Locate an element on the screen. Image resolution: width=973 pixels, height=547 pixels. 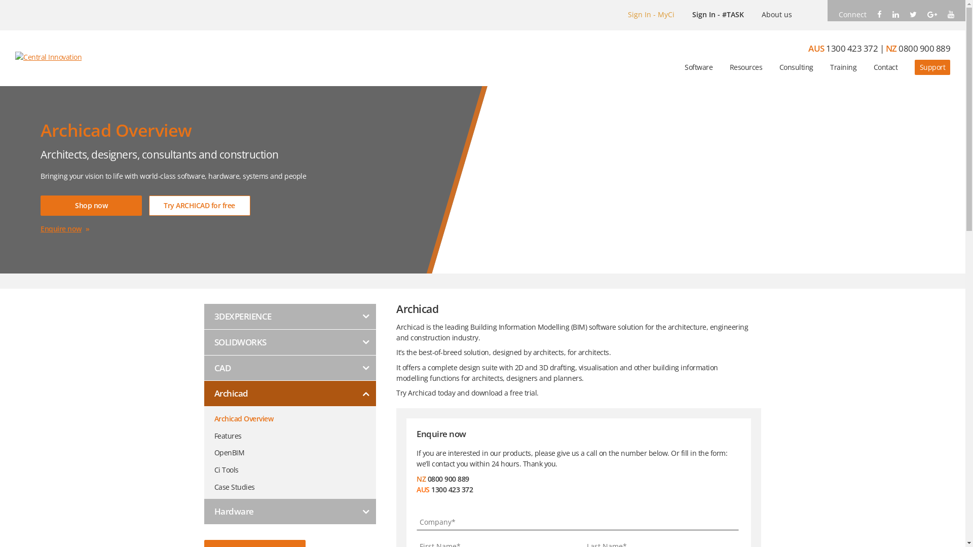
'0800 900 889' is located at coordinates (924, 48).